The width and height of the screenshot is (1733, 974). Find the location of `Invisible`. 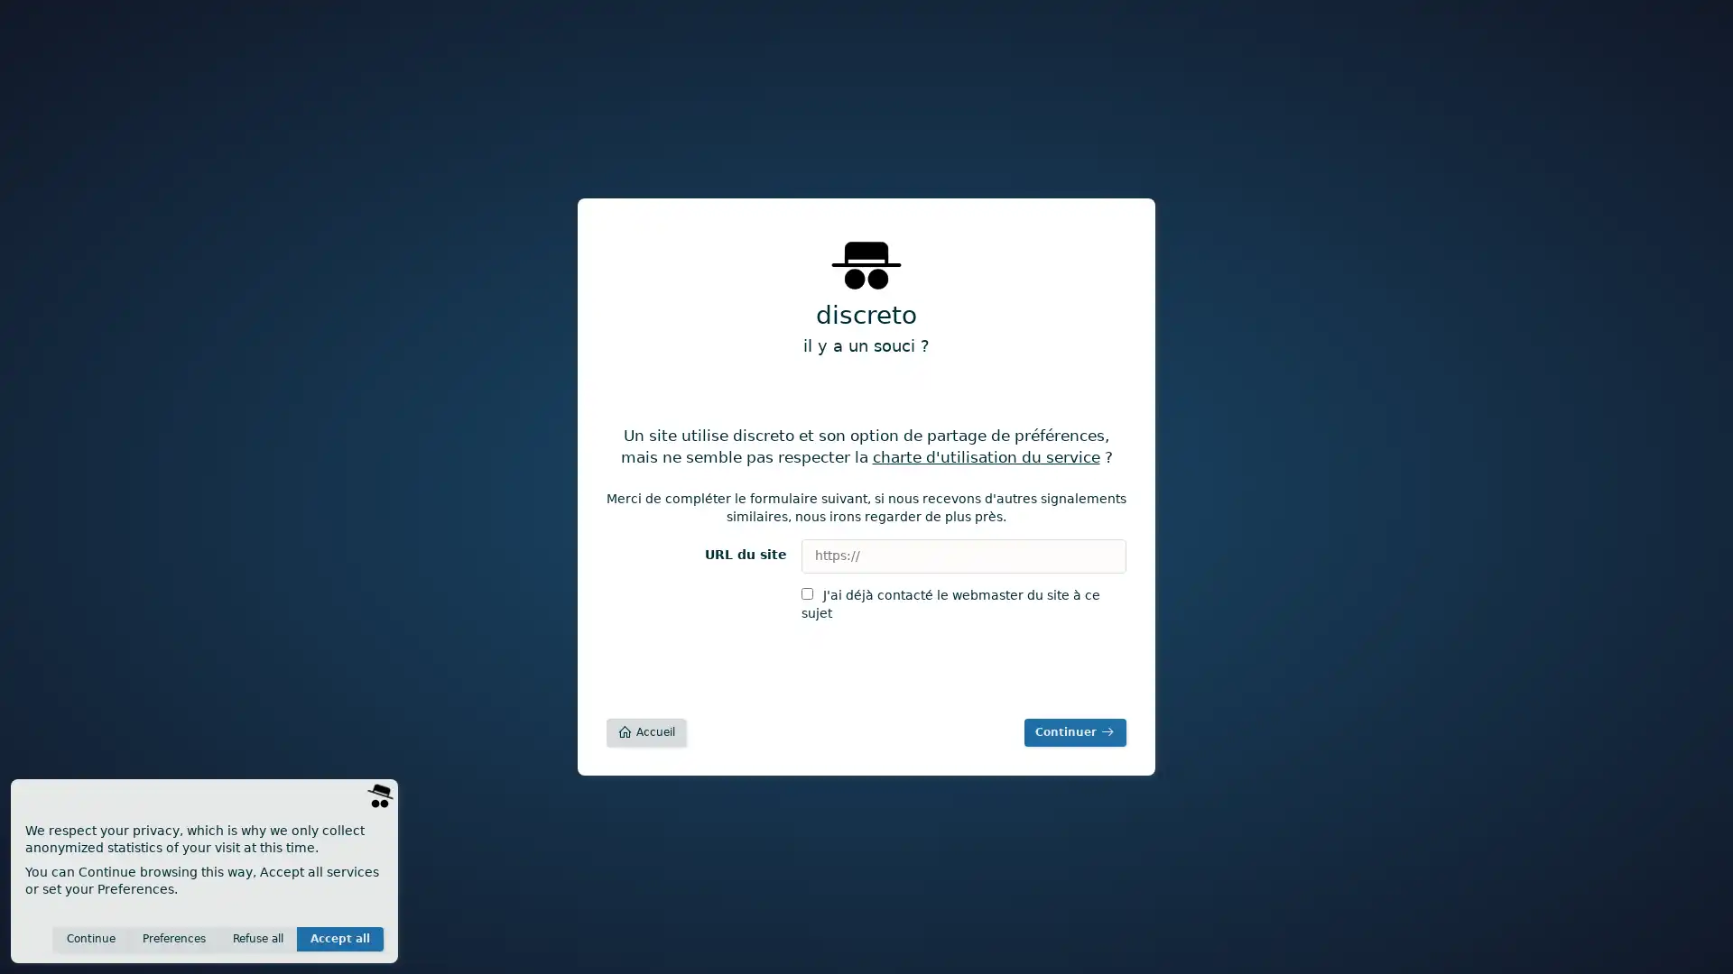

Invisible is located at coordinates (291, 945).